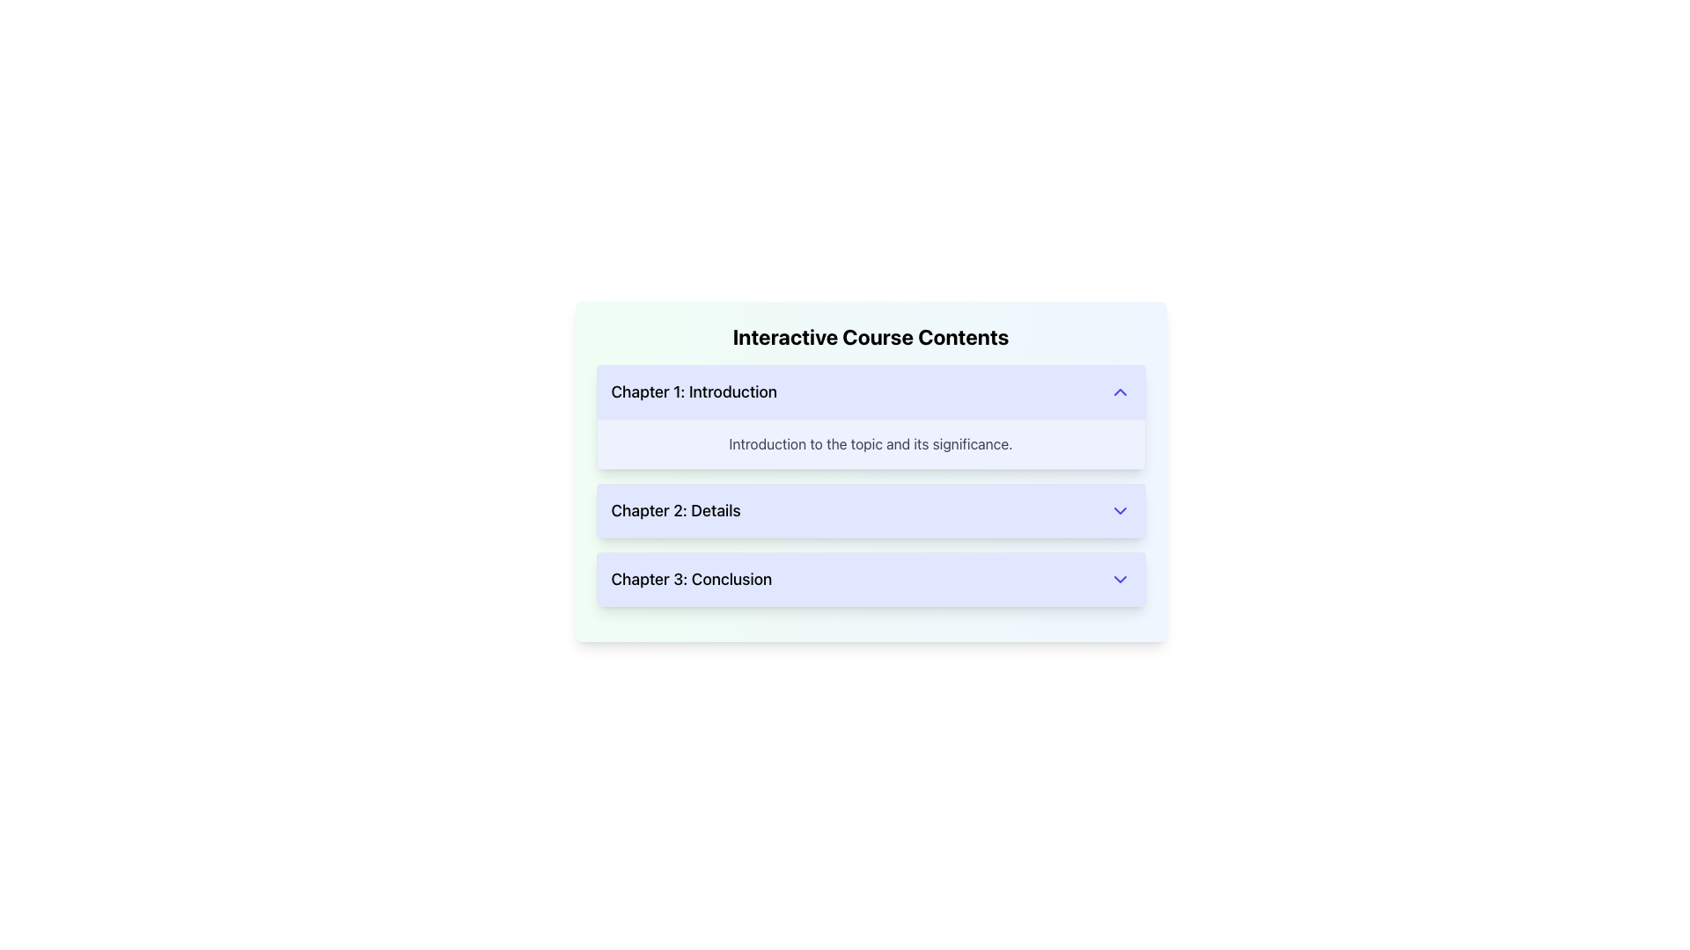 The height and width of the screenshot is (950, 1690). I want to click on the Text Display element that provides an introduction to the topic, located below the header 'Chapter 1: Introduction', so click(871, 442).